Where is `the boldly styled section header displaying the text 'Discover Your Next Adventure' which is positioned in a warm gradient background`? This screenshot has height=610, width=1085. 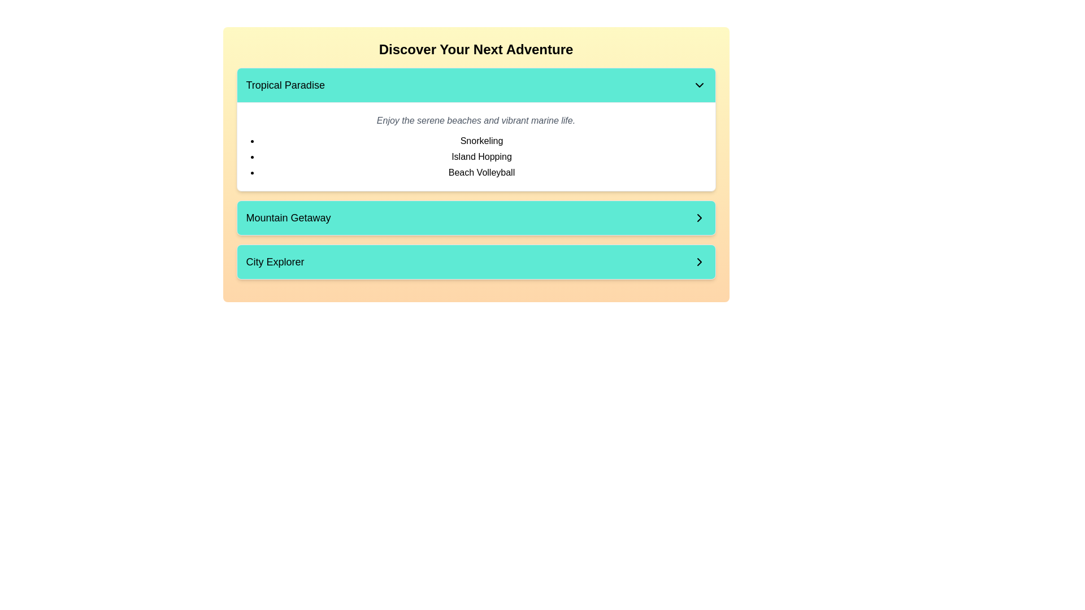
the boldly styled section header displaying the text 'Discover Your Next Adventure' which is positioned in a warm gradient background is located at coordinates (476, 164).